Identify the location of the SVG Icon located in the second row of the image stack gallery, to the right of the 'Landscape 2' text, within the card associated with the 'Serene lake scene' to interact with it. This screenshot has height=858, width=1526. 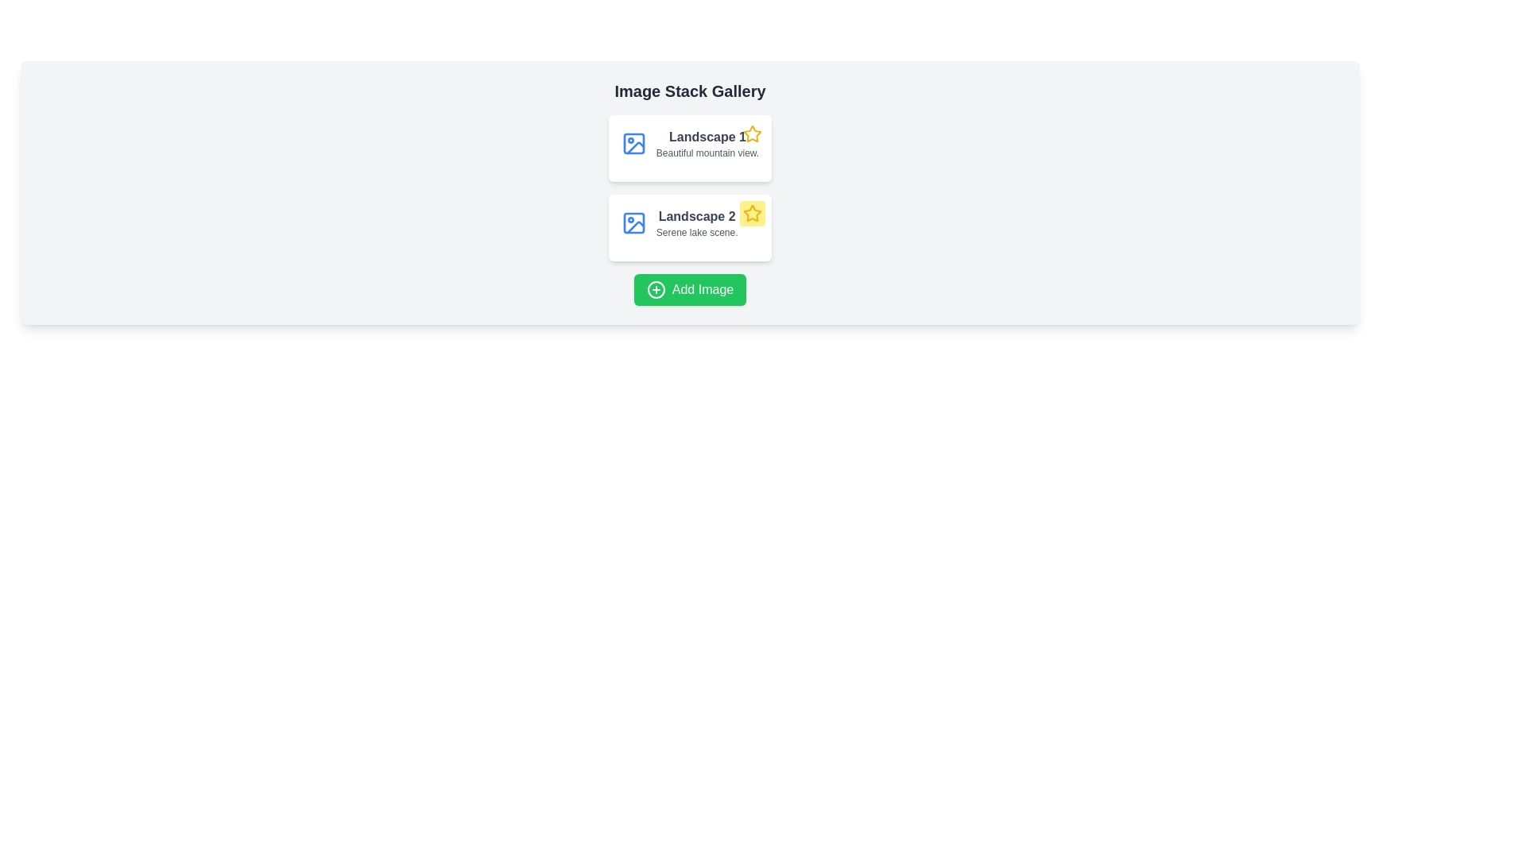
(752, 212).